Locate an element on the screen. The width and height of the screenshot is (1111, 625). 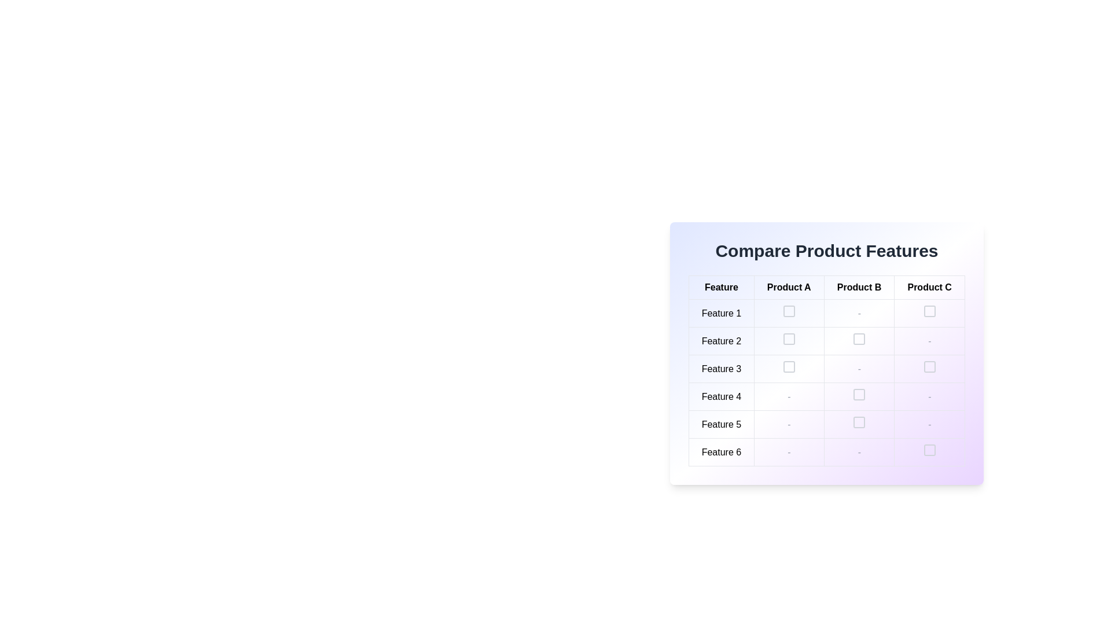
the checkbox located in the 'Product A' column and 'Feature 2' row is located at coordinates (788, 339).